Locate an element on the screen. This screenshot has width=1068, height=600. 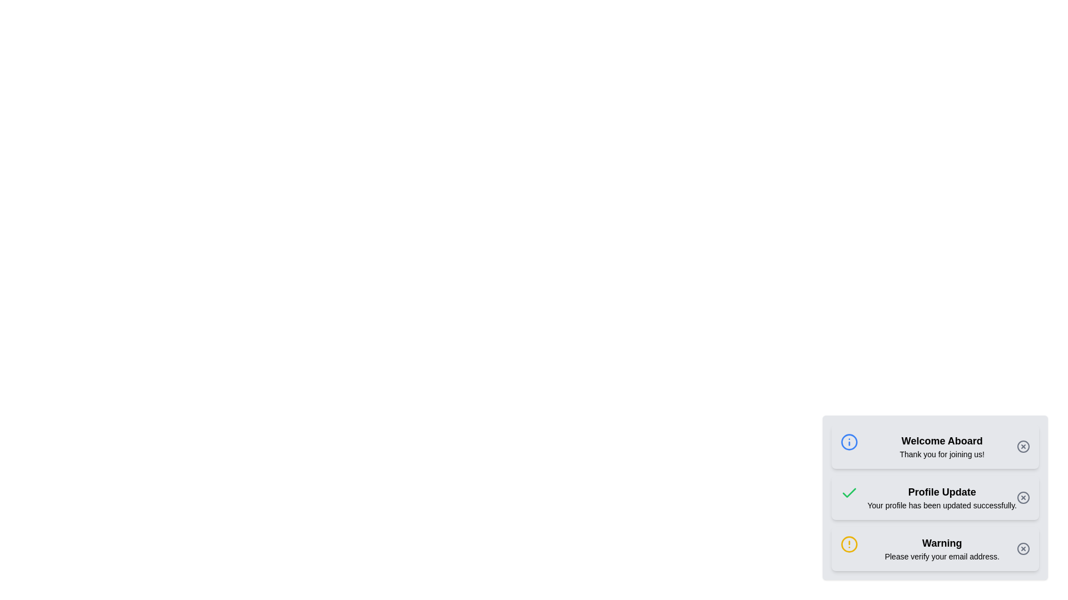
the small yellow alert icon with an exclamation point inside, located within the third notification card is located at coordinates (849, 548).